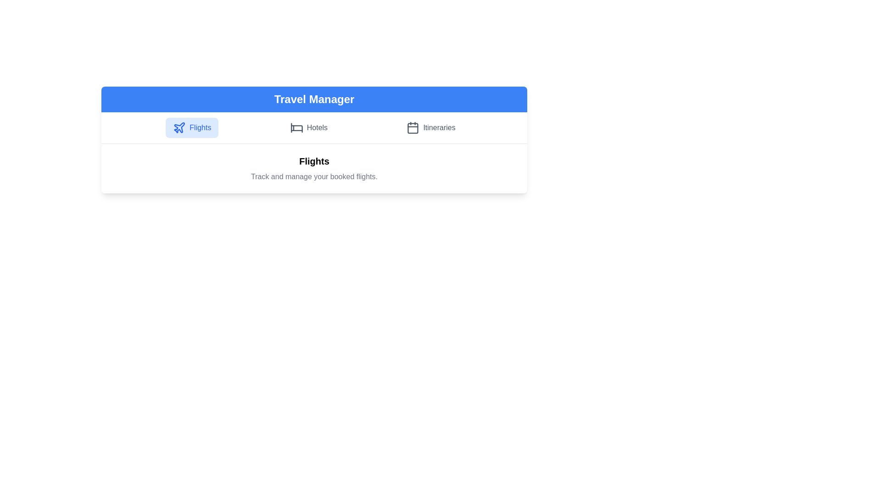 This screenshot has width=881, height=495. Describe the element at coordinates (191, 127) in the screenshot. I see `the Flights tab to view its details` at that location.